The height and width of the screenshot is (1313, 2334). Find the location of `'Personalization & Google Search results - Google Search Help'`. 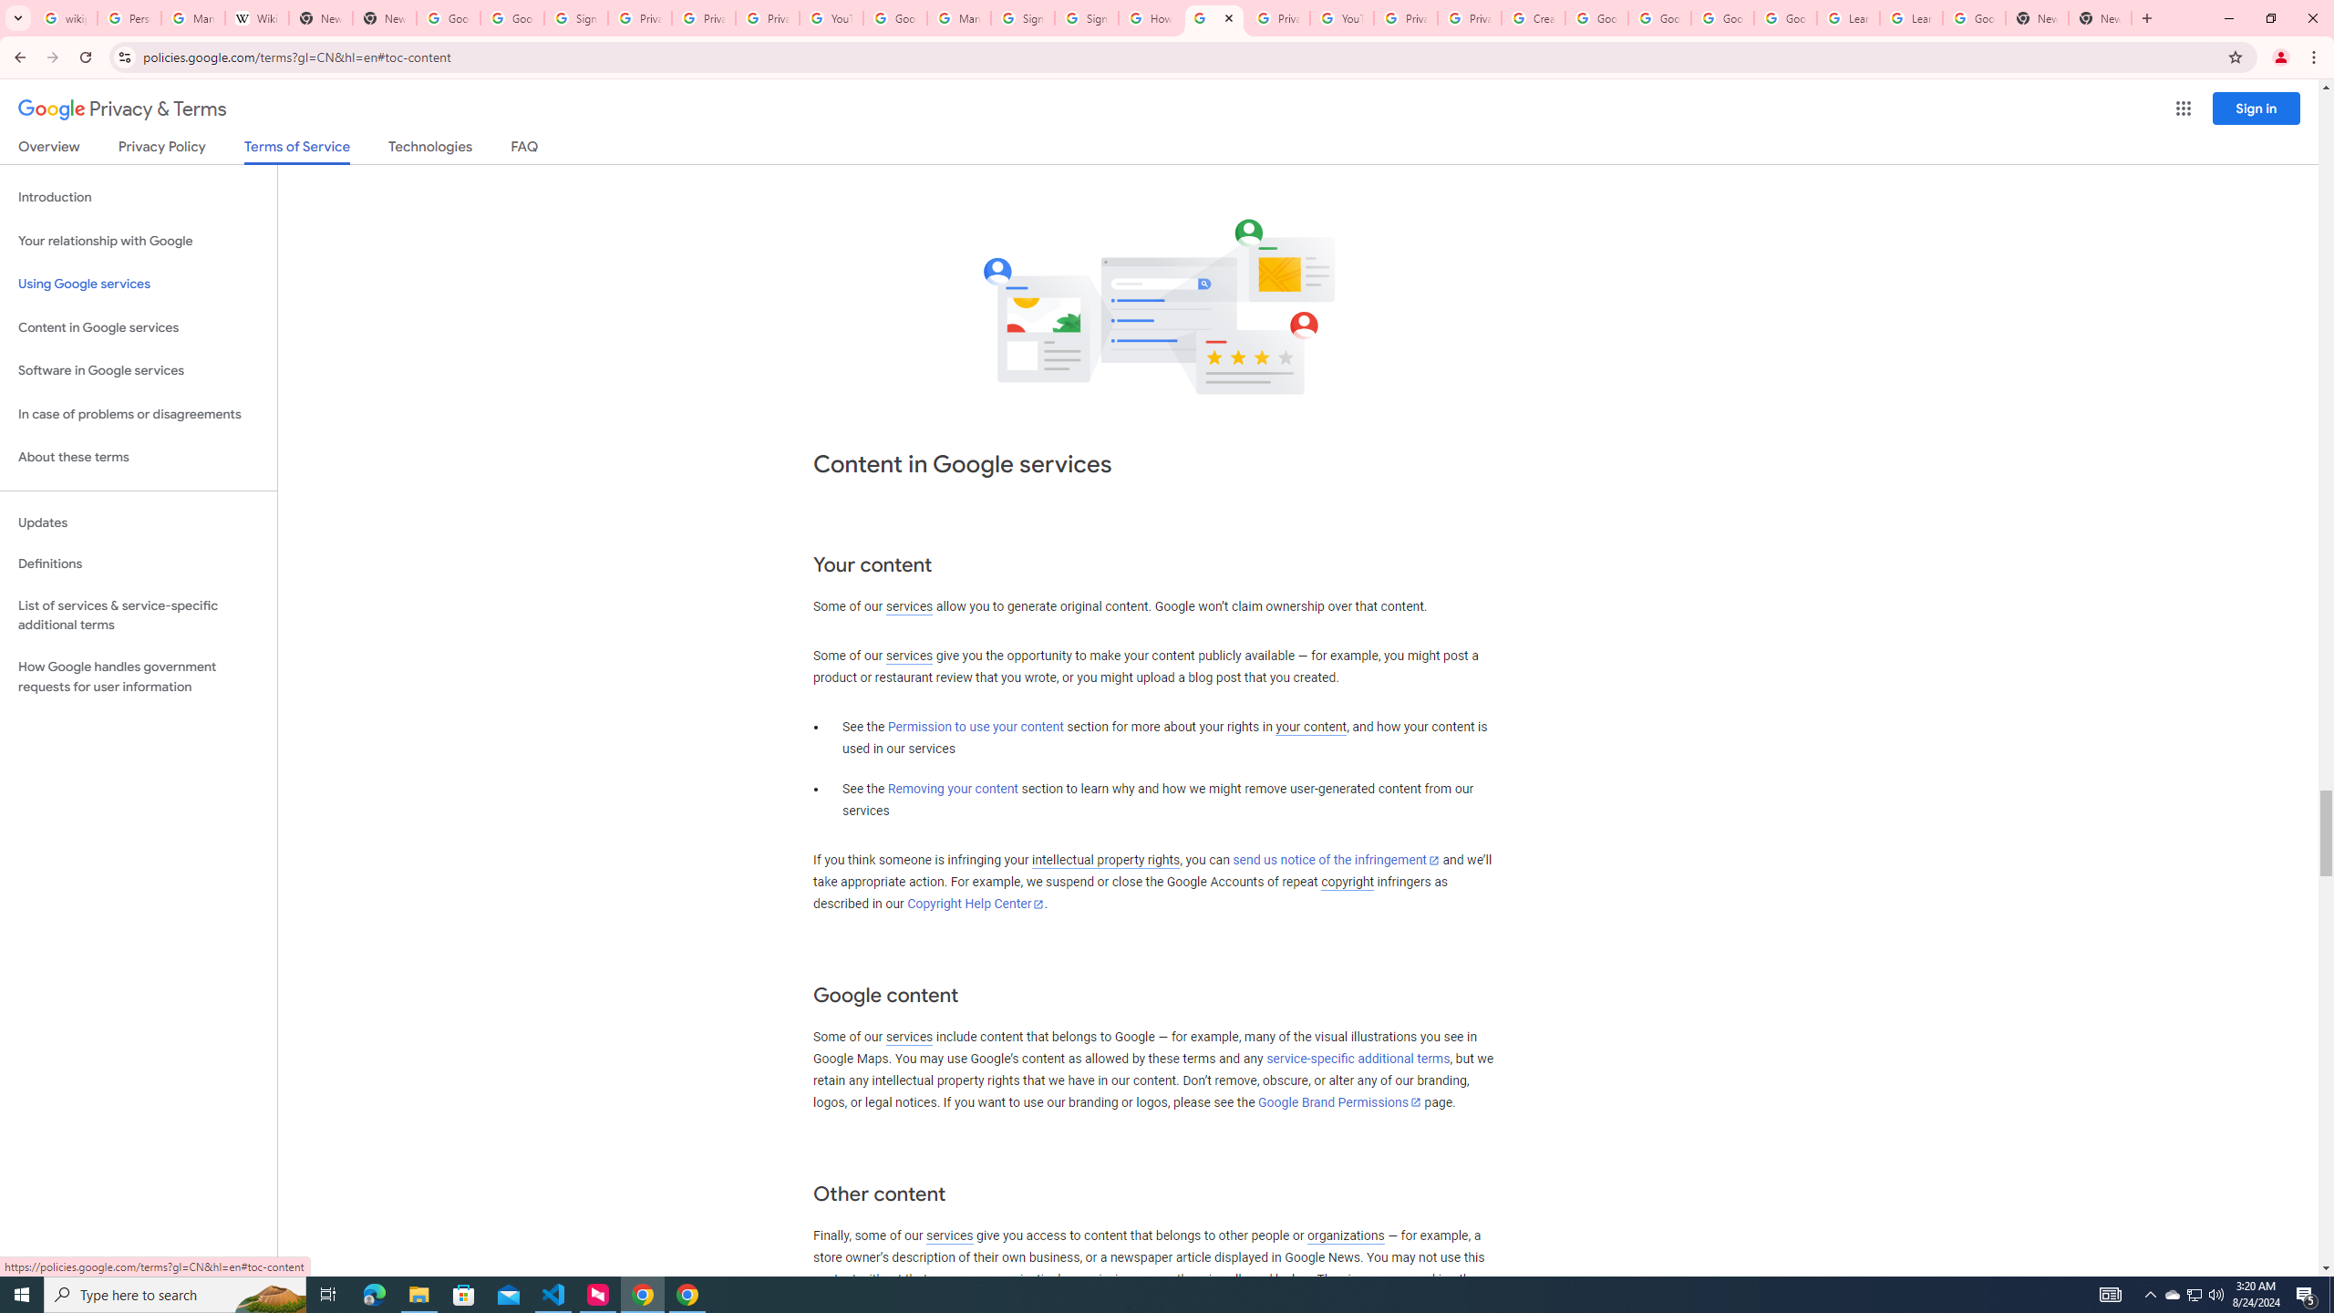

'Personalization & Google Search results - Google Search Help' is located at coordinates (129, 17).